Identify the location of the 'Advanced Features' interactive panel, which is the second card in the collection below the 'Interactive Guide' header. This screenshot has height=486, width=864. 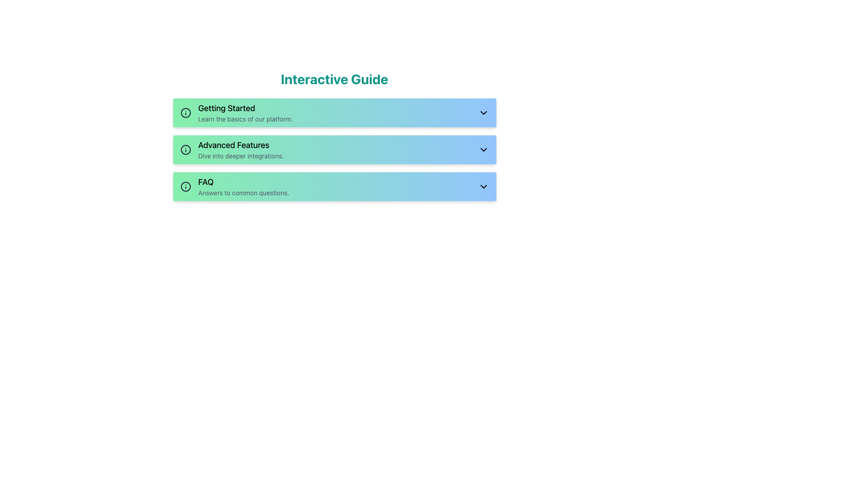
(334, 140).